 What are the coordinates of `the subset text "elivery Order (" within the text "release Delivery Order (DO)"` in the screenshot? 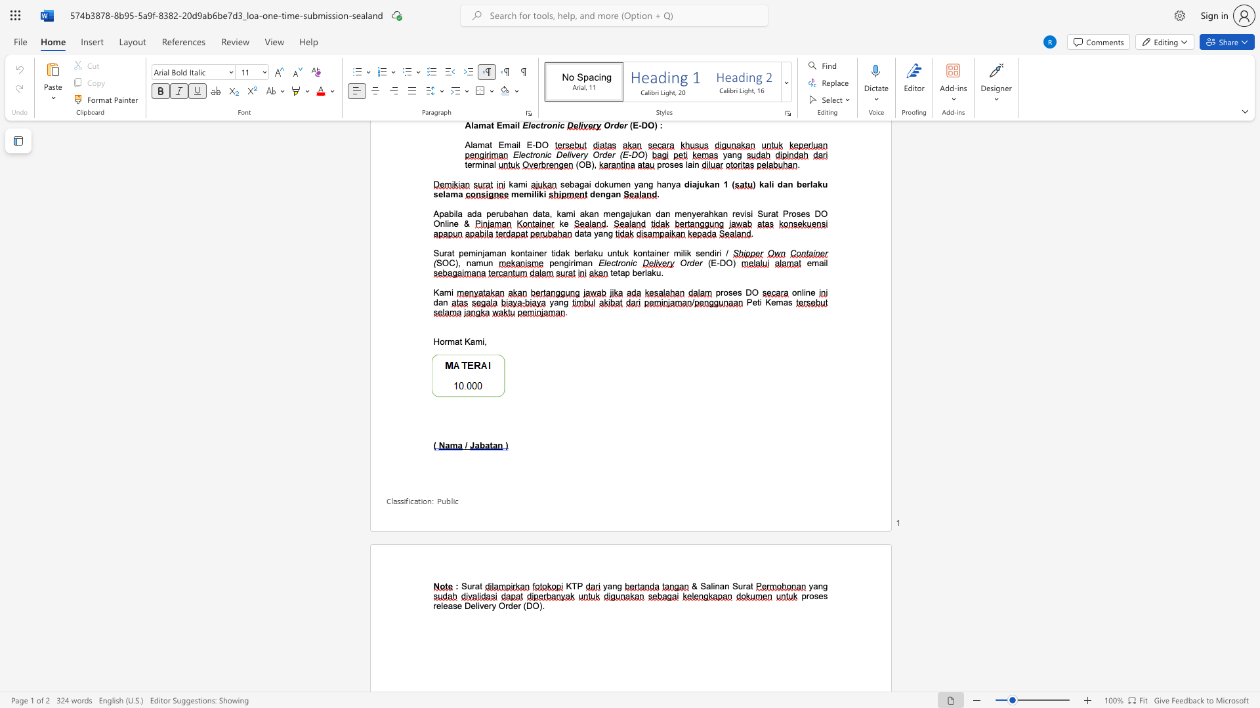 It's located at (471, 606).